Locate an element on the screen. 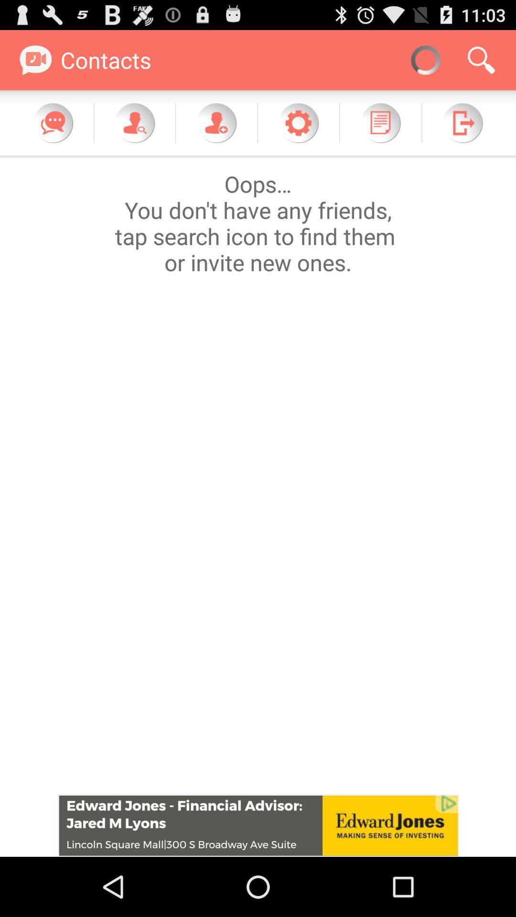 The image size is (516, 917). the chat icon is located at coordinates (53, 131).